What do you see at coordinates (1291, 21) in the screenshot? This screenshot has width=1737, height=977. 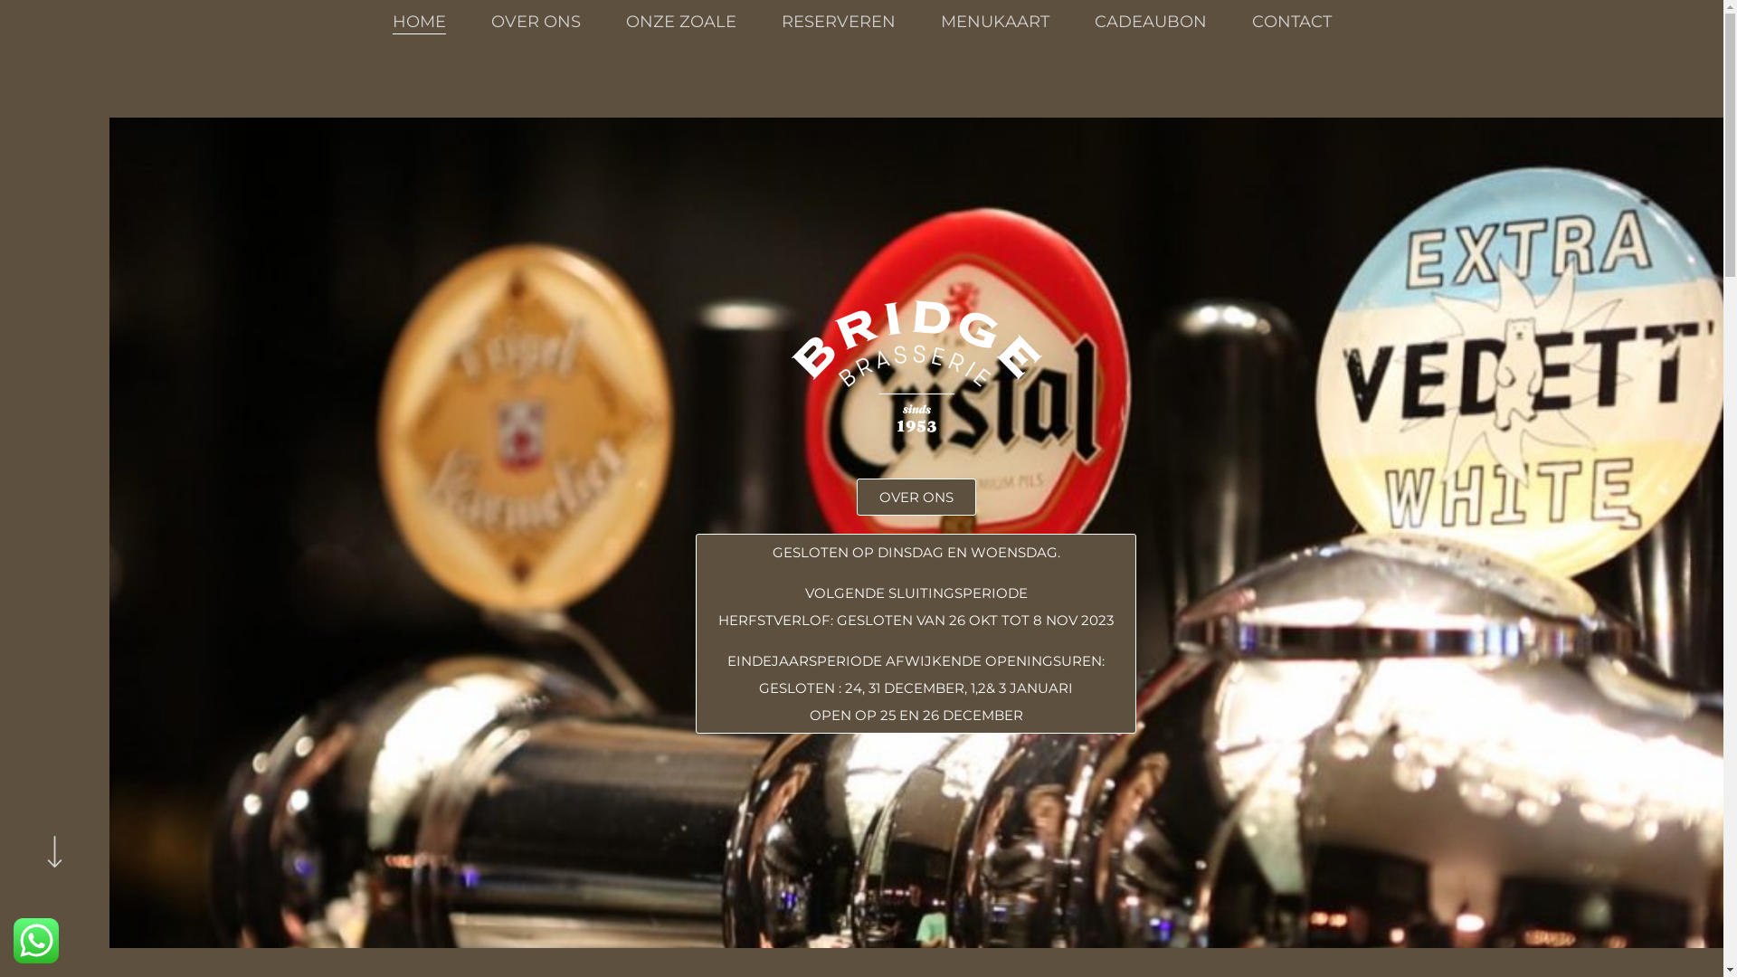 I see `'CONTACT'` at bounding box center [1291, 21].